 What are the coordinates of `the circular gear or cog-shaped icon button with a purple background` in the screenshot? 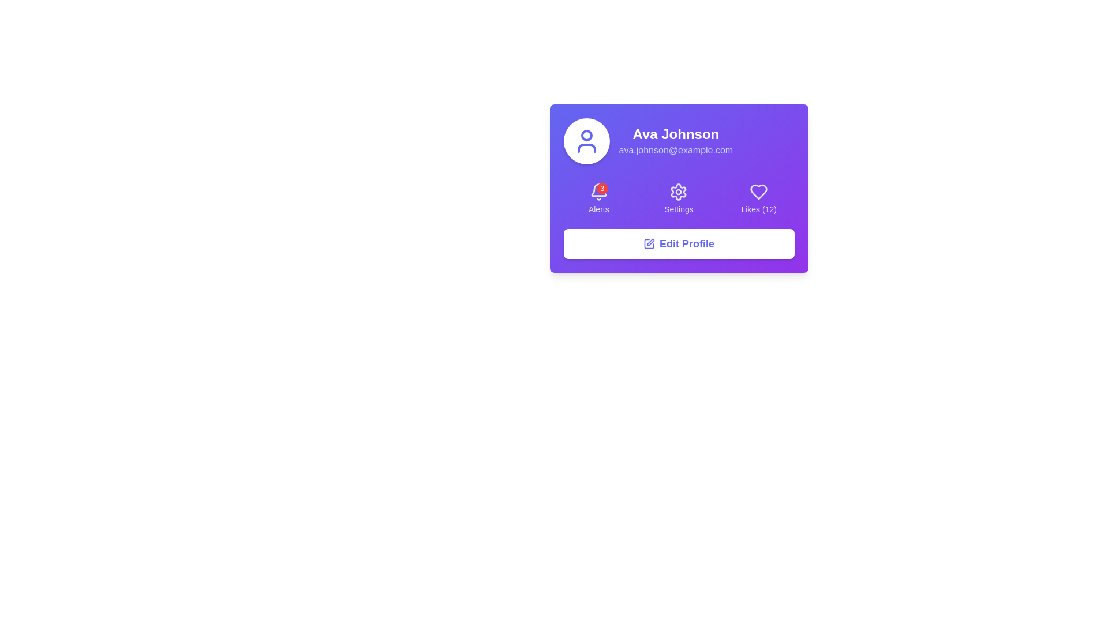 It's located at (679, 191).